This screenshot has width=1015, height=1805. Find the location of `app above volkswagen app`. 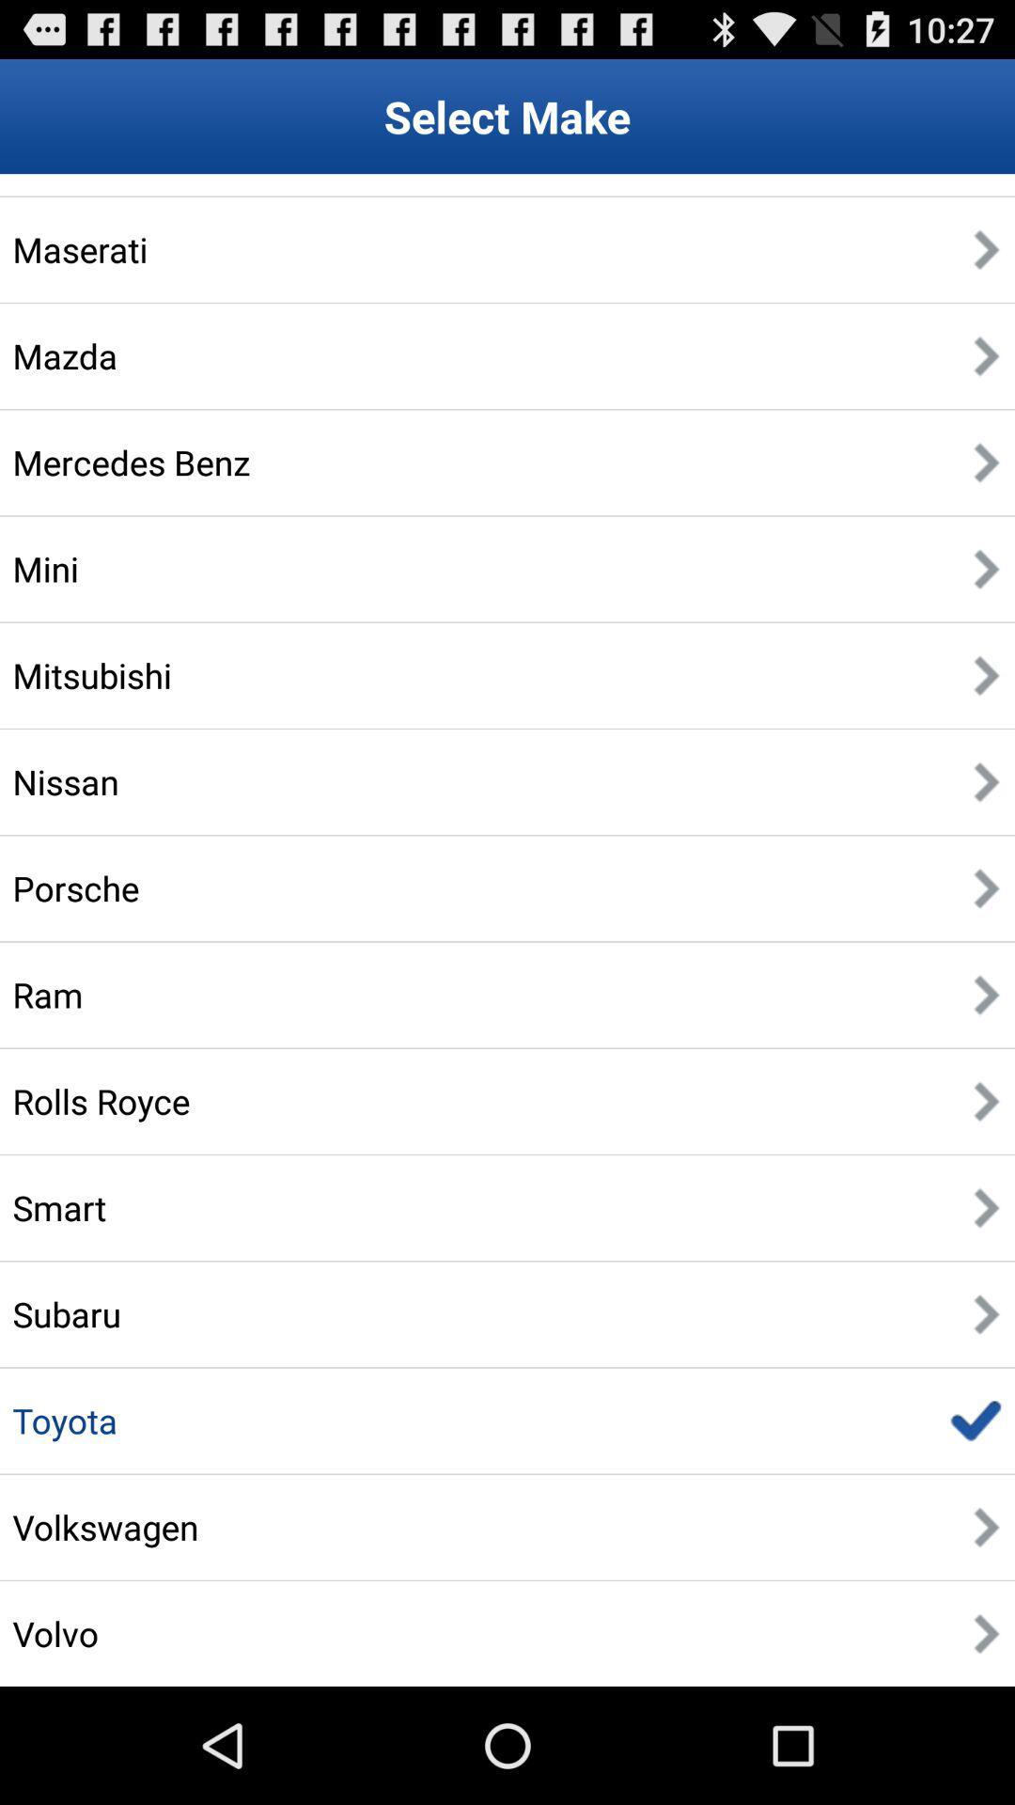

app above volkswagen app is located at coordinates (64, 1420).